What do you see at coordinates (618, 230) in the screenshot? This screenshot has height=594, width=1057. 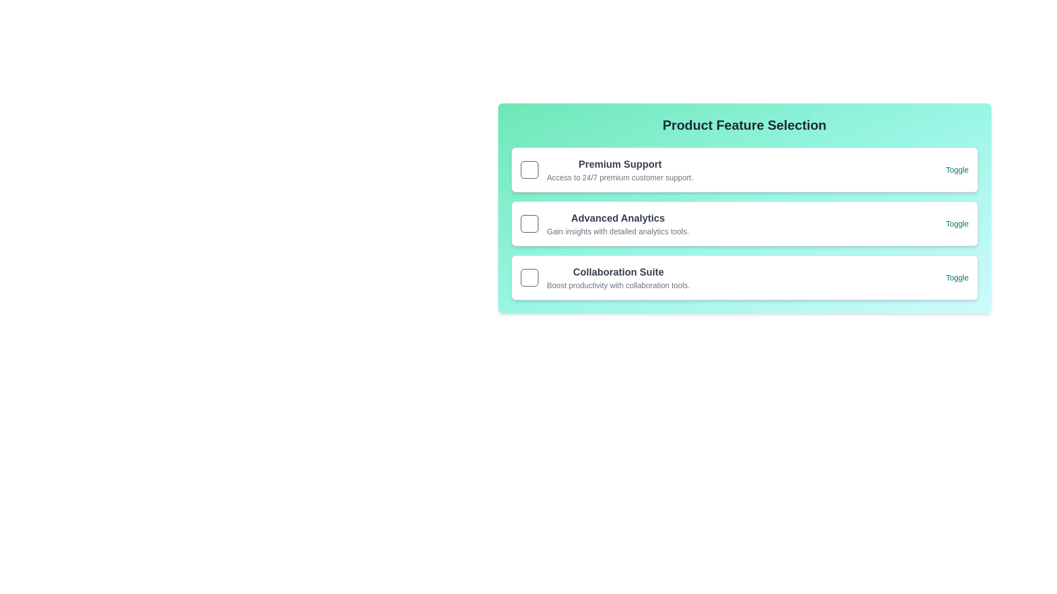 I see `the text label that reads 'Gain insights with detailed analytics tools.' which is located below the 'Advanced Analytics' title in the feature options panel` at bounding box center [618, 230].